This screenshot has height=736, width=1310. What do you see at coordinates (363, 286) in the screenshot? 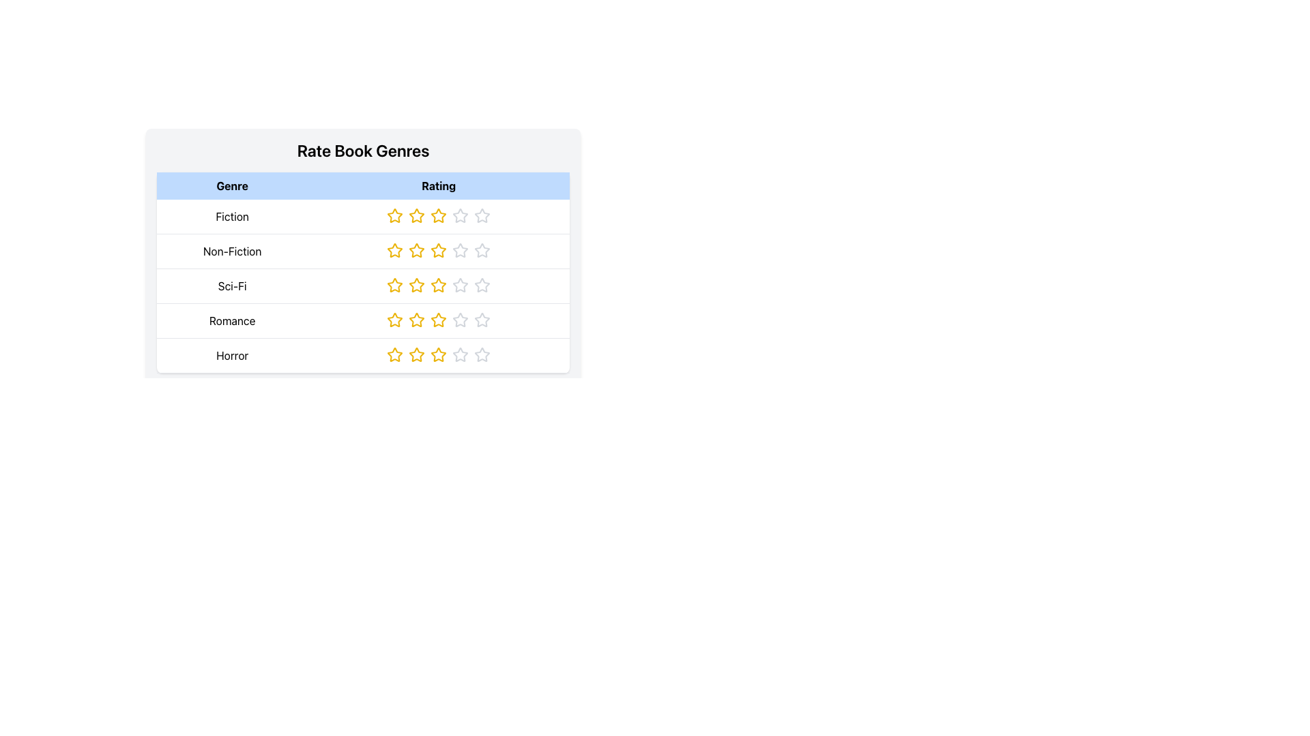
I see `the third row of the table representing the 'Sci-Fi' genre` at bounding box center [363, 286].